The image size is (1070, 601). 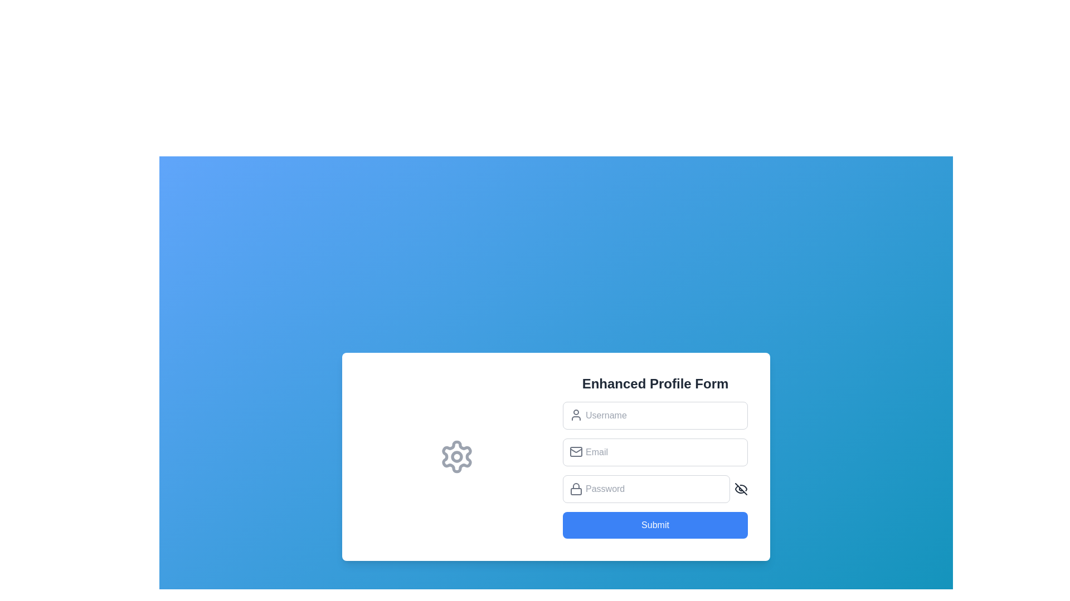 What do you see at coordinates (576, 491) in the screenshot?
I see `the bottom rectangular component of the lock icon graphic, which is minimalistic and lacks distinct text or symbols` at bounding box center [576, 491].